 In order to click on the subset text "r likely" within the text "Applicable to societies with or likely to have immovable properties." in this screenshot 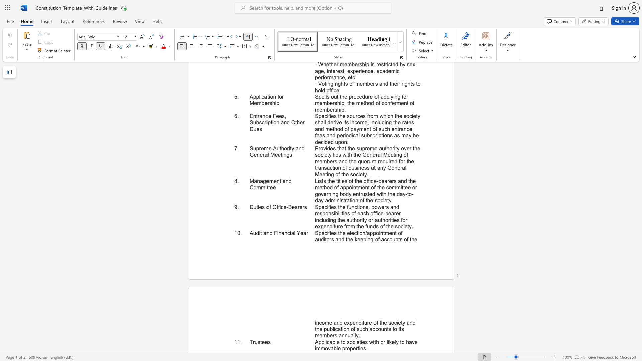, I will do `click(383, 342)`.